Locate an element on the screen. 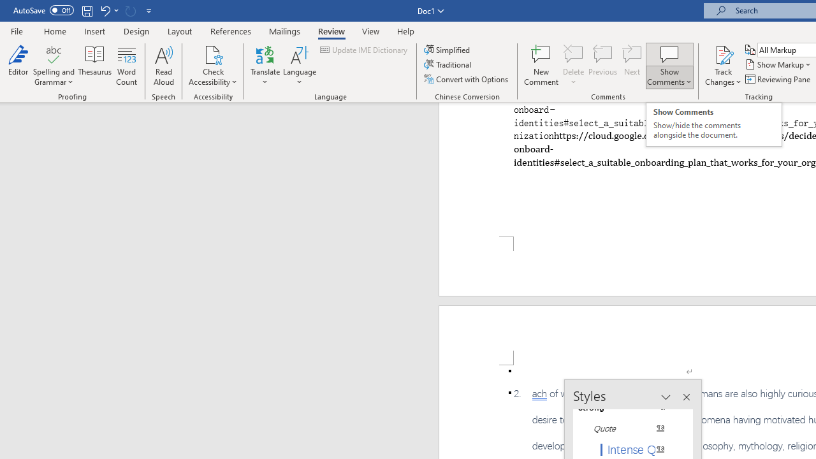 This screenshot has width=816, height=459. 'Thesaurus...' is located at coordinates (94, 66).